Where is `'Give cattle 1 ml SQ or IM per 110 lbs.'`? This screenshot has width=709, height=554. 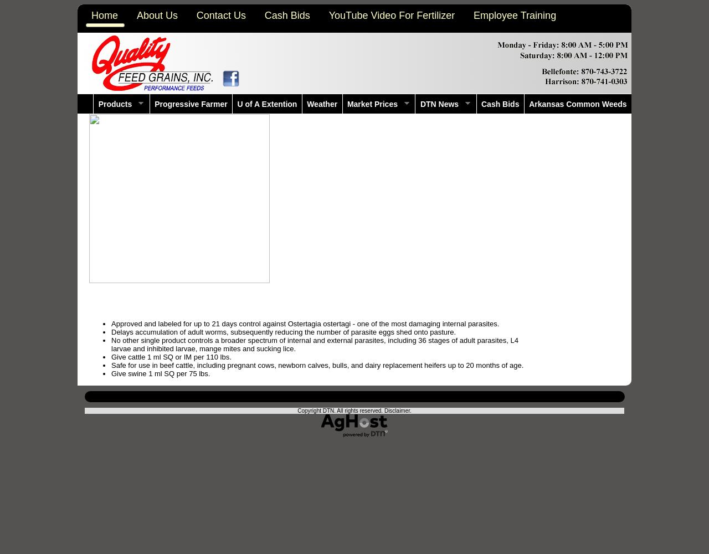 'Give cattle 1 ml SQ or IM per 110 lbs.' is located at coordinates (170, 357).